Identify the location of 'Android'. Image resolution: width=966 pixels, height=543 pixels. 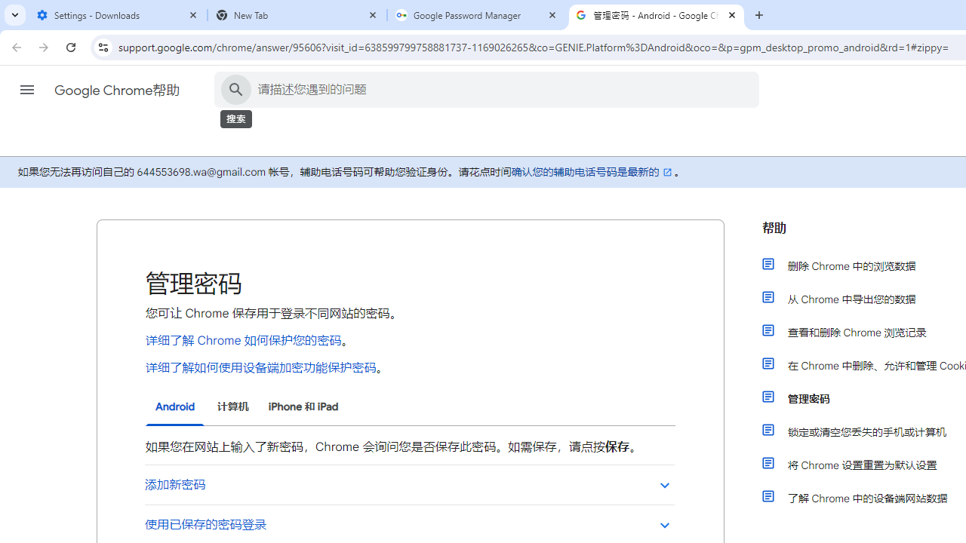
(175, 407).